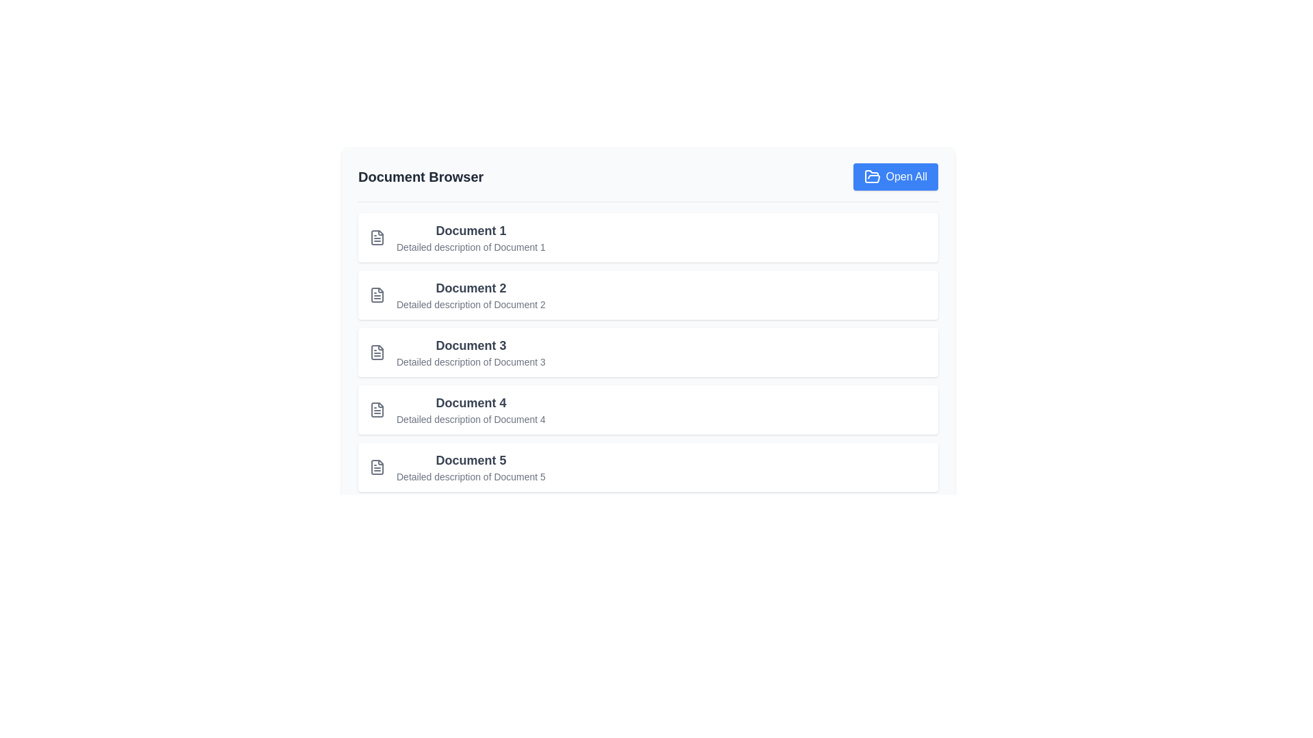  What do you see at coordinates (377, 236) in the screenshot?
I see `the vector graphic icon representing the first document entry titled 'Document 1', which is located at the far left of the entry` at bounding box center [377, 236].